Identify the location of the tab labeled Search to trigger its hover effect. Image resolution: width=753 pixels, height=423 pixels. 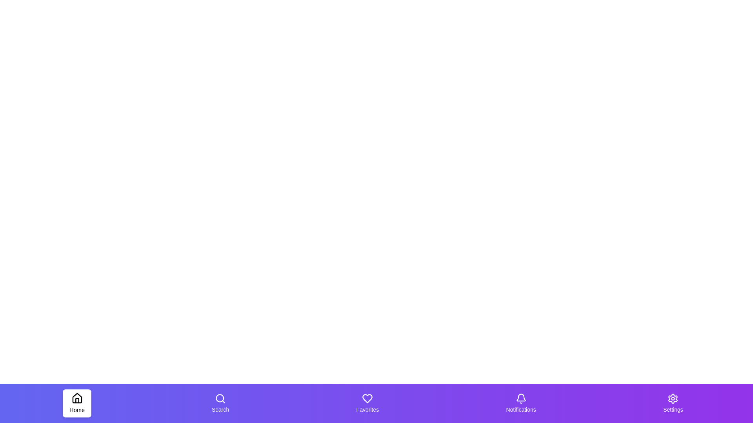
(220, 403).